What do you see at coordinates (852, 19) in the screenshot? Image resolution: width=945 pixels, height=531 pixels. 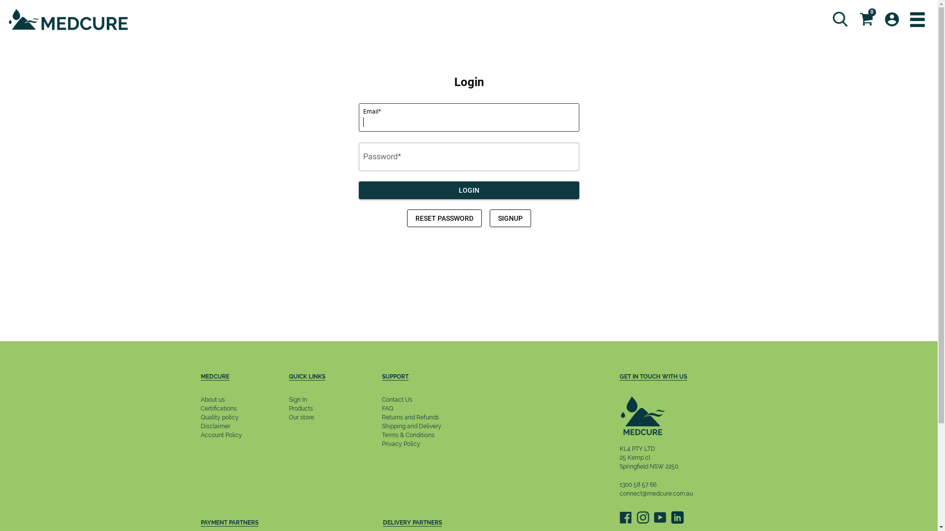 I see `'Cart` at bounding box center [852, 19].